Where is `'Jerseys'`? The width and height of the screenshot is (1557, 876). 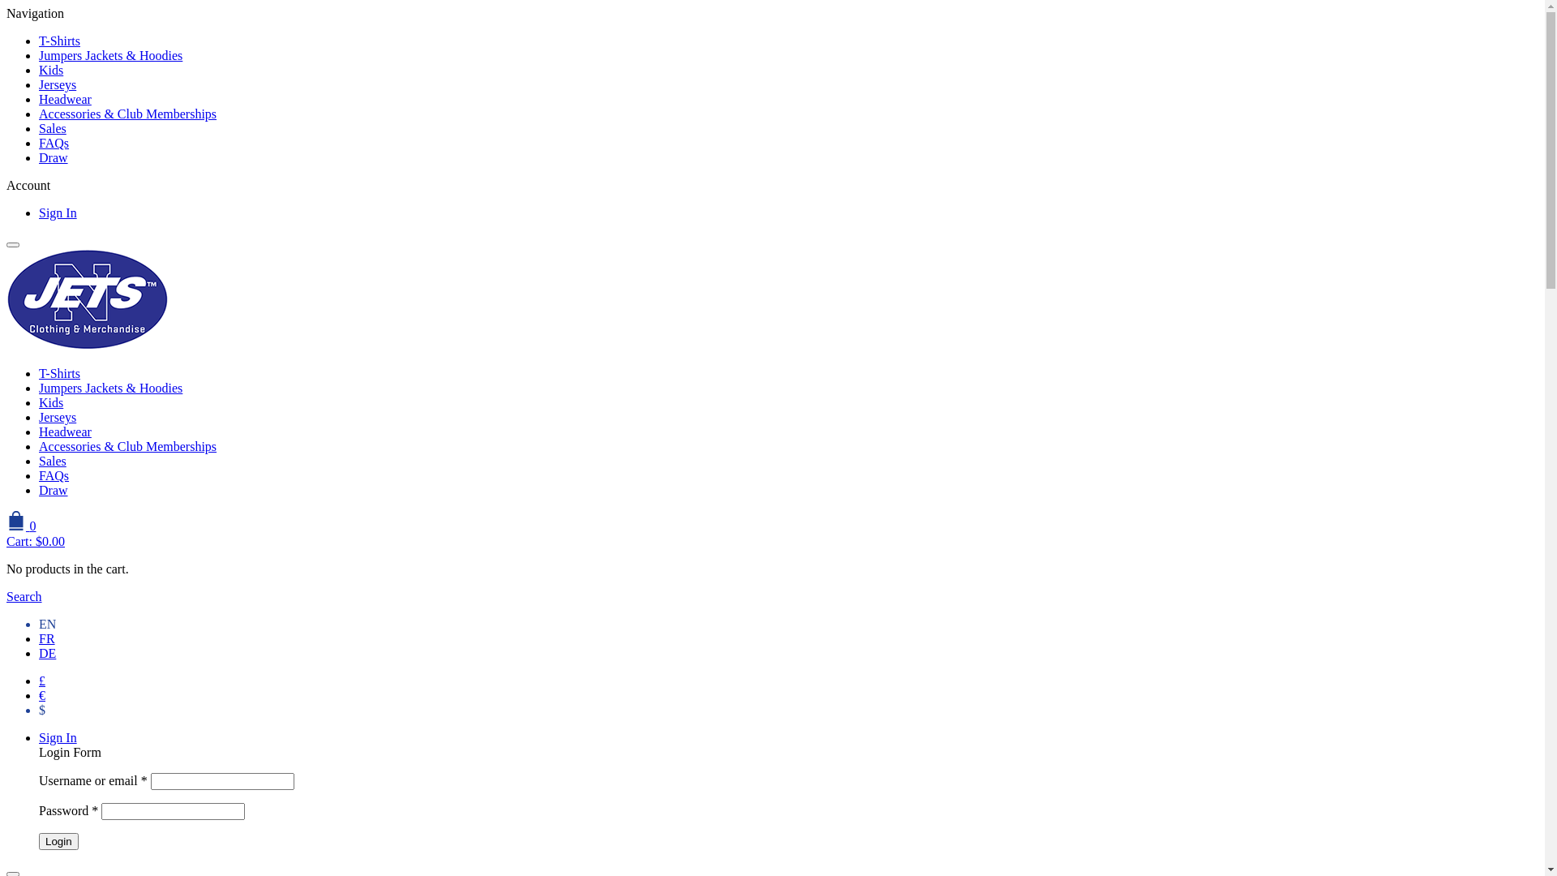 'Jerseys' is located at coordinates (58, 84).